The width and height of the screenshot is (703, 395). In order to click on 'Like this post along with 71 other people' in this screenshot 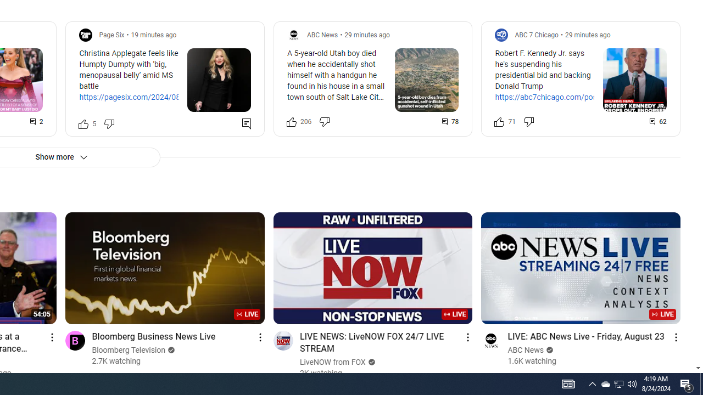, I will do `click(499, 121)`.